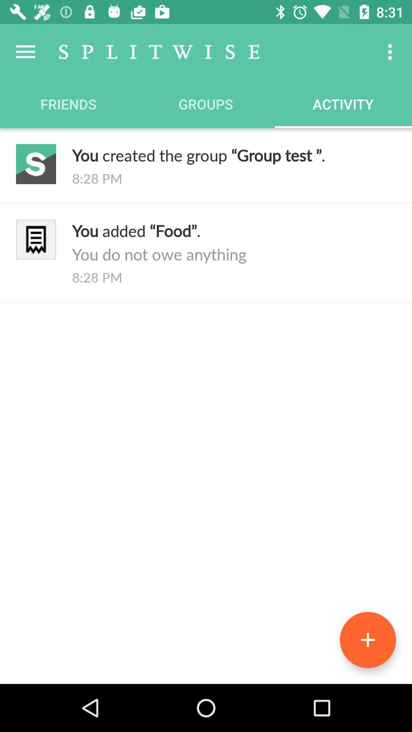 The width and height of the screenshot is (412, 732). What do you see at coordinates (233, 242) in the screenshot?
I see `the icon above the 8:28 pm` at bounding box center [233, 242].